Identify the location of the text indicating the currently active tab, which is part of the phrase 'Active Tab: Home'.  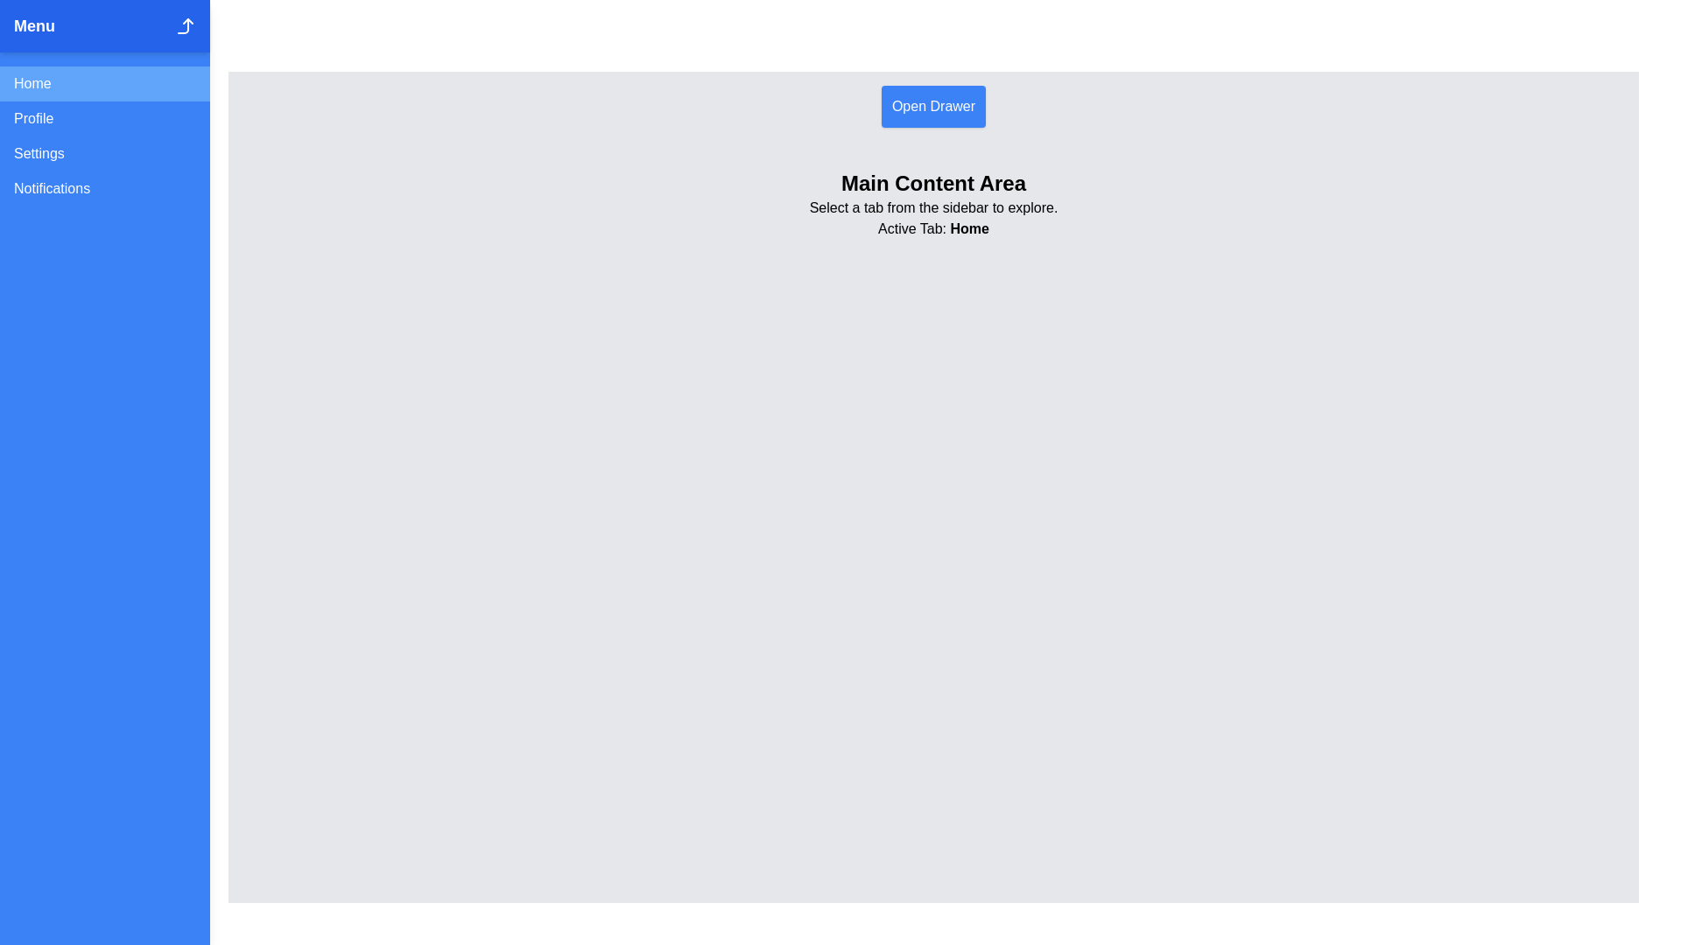
(968, 227).